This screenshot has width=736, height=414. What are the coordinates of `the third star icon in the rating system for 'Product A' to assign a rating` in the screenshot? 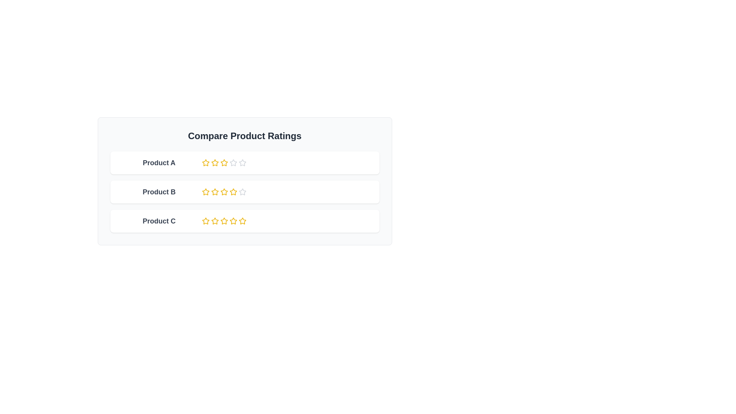 It's located at (215, 162).